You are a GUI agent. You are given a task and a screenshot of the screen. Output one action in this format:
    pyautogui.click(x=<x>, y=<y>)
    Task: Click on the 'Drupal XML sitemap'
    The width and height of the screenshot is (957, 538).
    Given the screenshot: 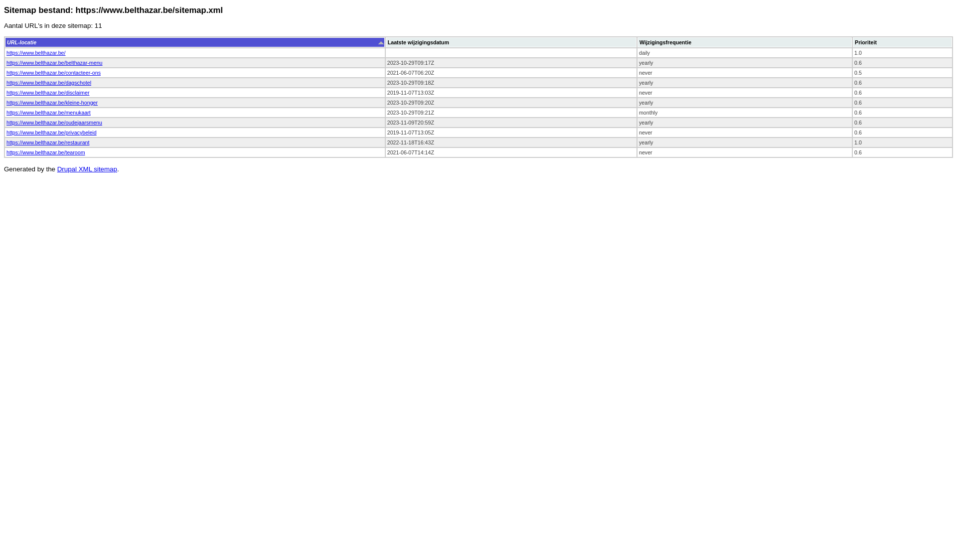 What is the action you would take?
    pyautogui.click(x=87, y=168)
    